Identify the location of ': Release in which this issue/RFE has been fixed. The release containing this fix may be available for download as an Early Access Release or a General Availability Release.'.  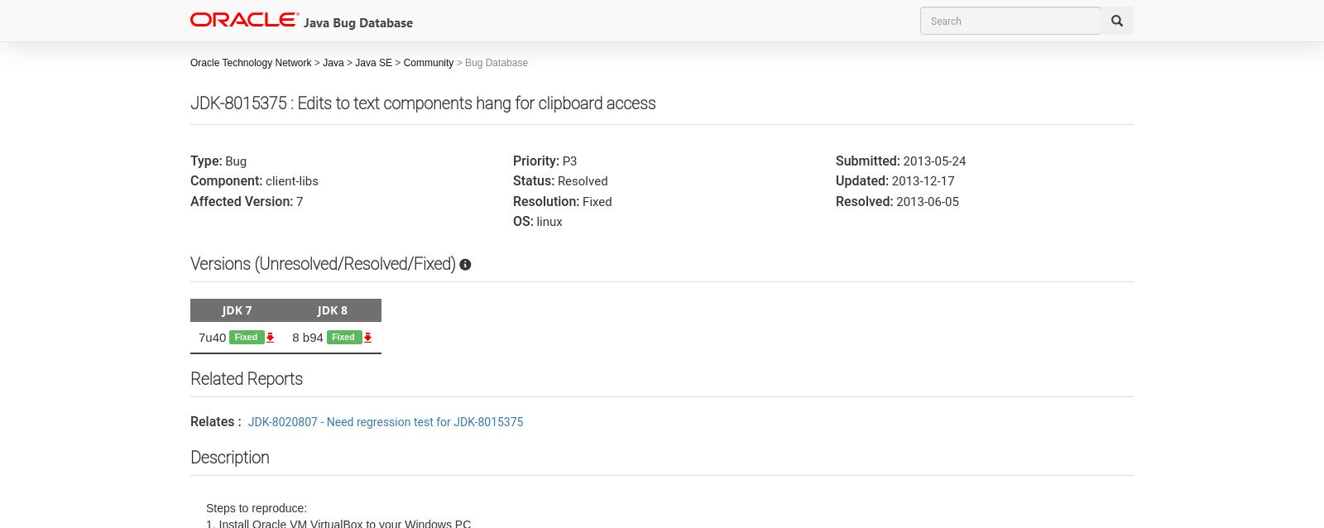
(484, 318).